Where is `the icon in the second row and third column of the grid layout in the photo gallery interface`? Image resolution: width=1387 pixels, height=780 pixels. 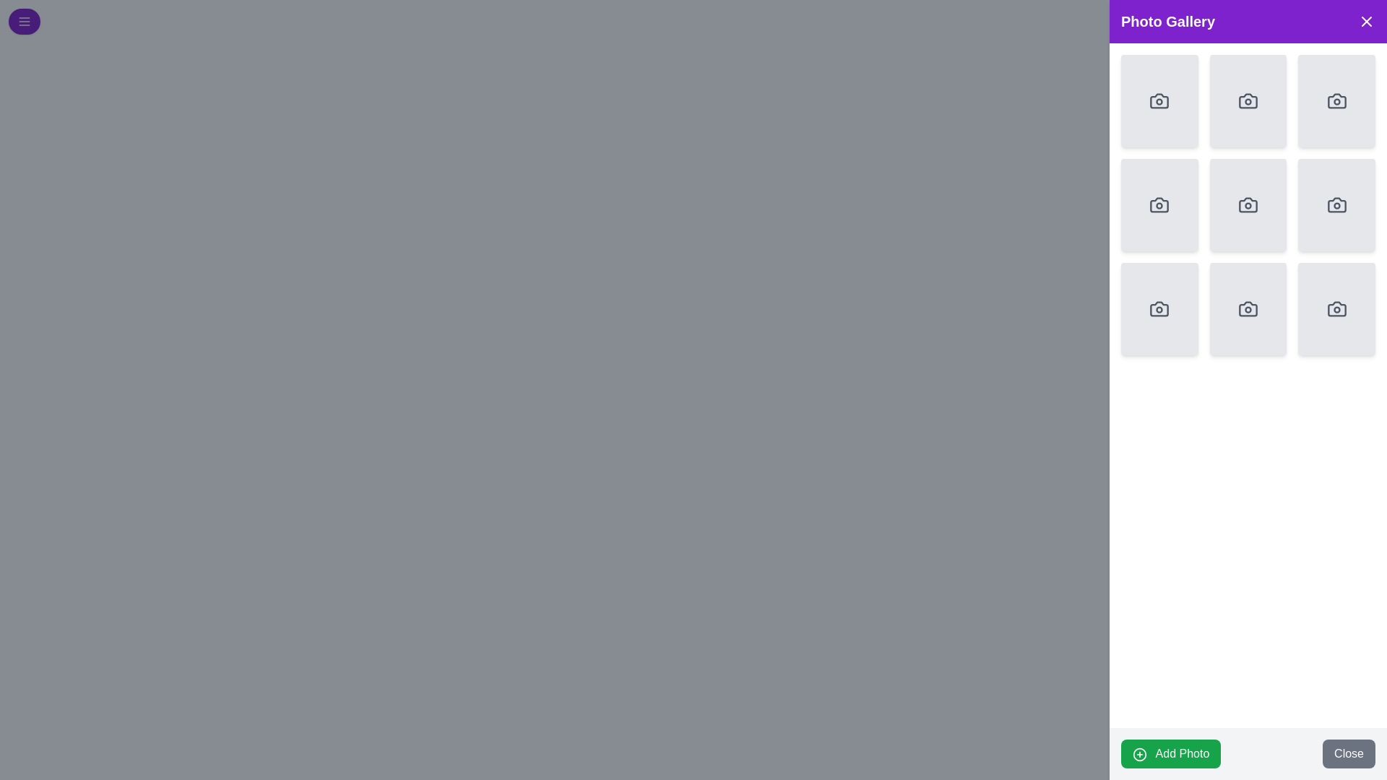
the icon in the second row and third column of the grid layout in the photo gallery interface is located at coordinates (1159, 205).